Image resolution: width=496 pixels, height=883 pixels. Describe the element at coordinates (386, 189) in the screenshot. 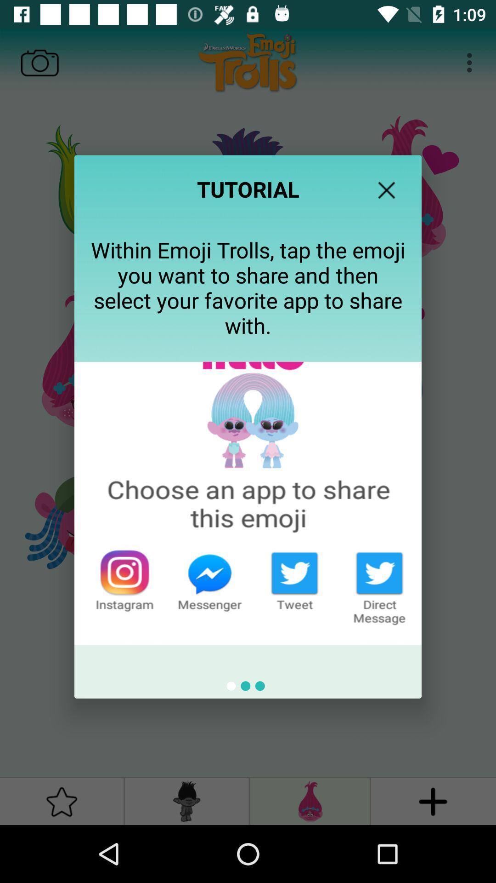

I see `pop-up` at that location.